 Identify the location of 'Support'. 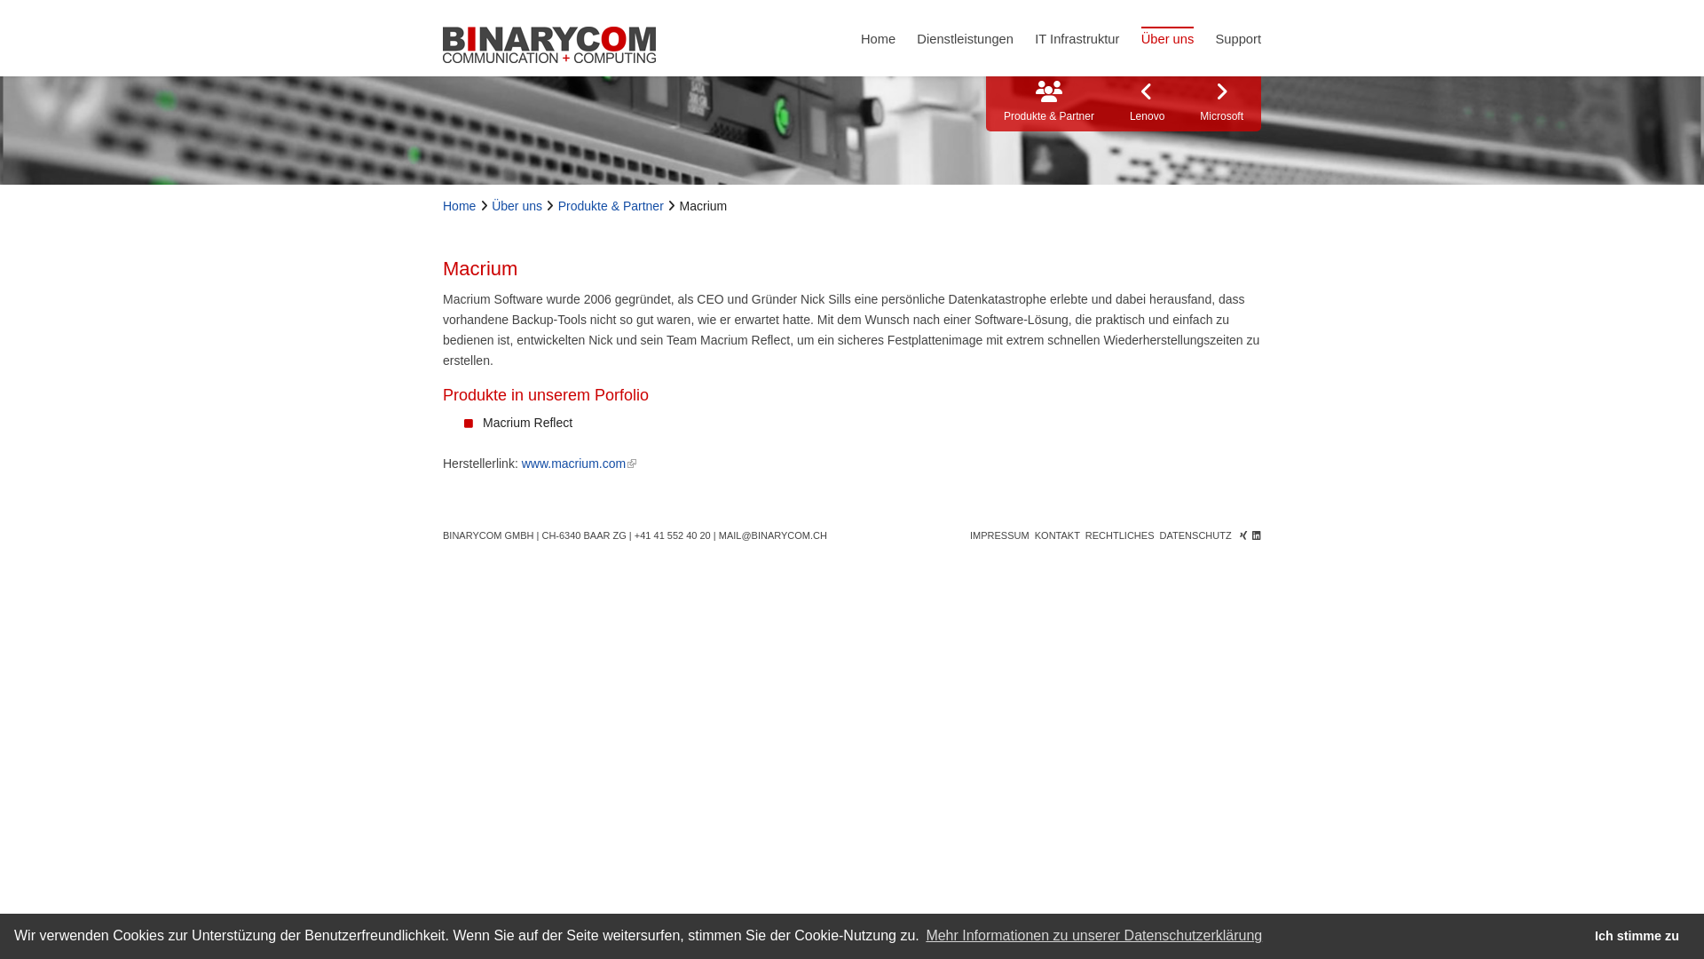
(1237, 37).